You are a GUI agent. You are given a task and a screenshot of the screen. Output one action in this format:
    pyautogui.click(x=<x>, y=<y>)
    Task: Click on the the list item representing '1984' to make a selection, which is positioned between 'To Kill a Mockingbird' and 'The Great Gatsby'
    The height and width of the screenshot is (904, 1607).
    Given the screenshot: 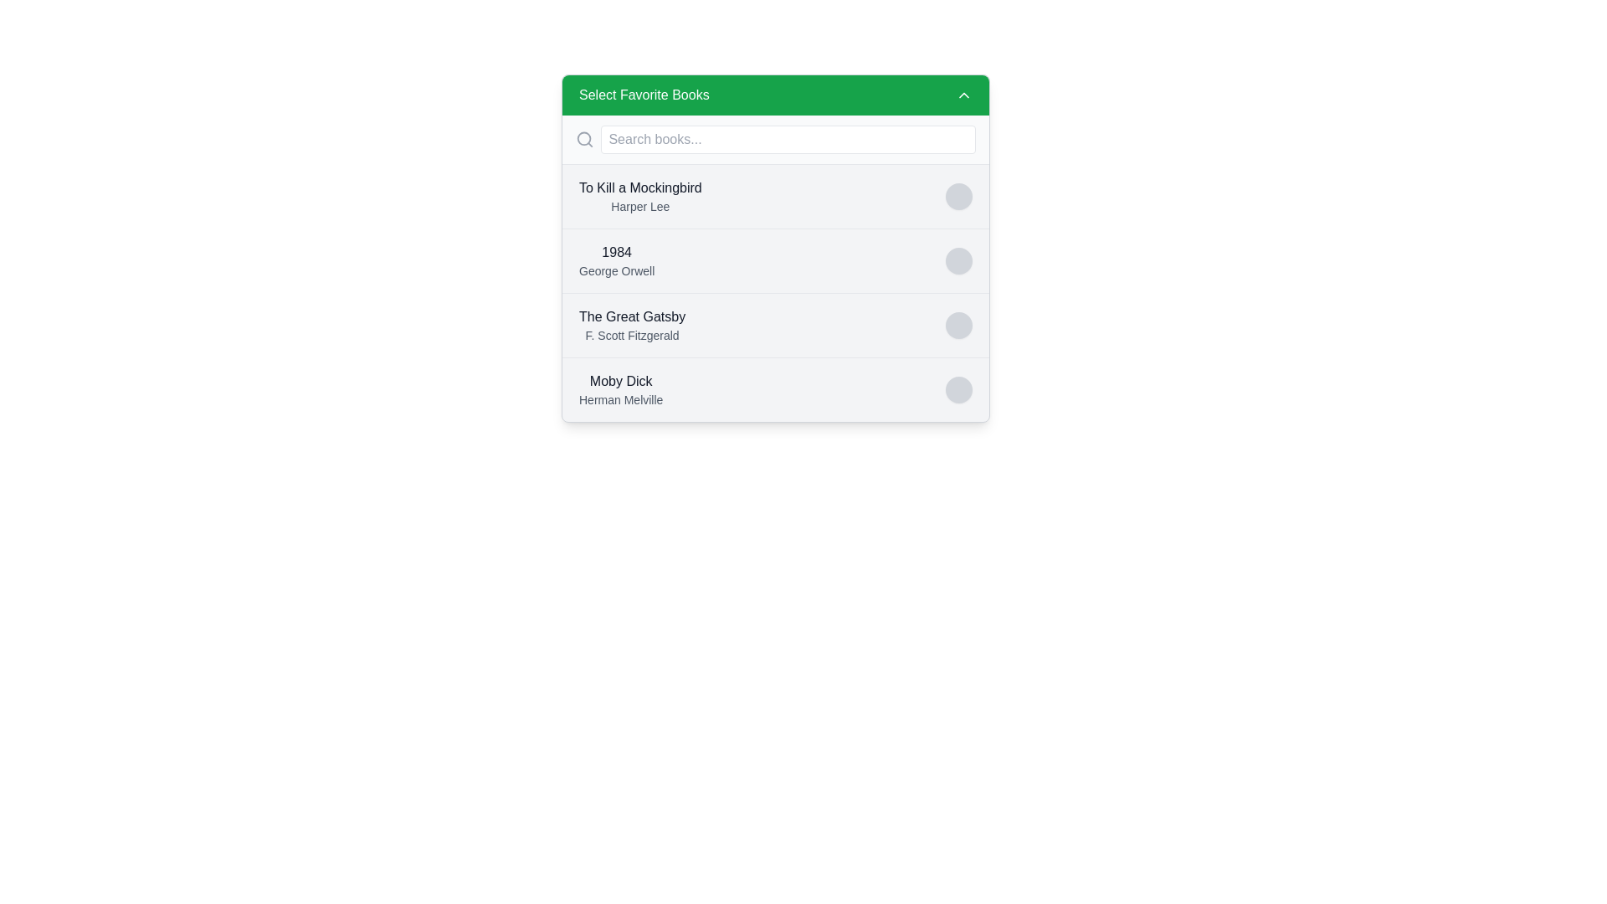 What is the action you would take?
    pyautogui.click(x=774, y=249)
    